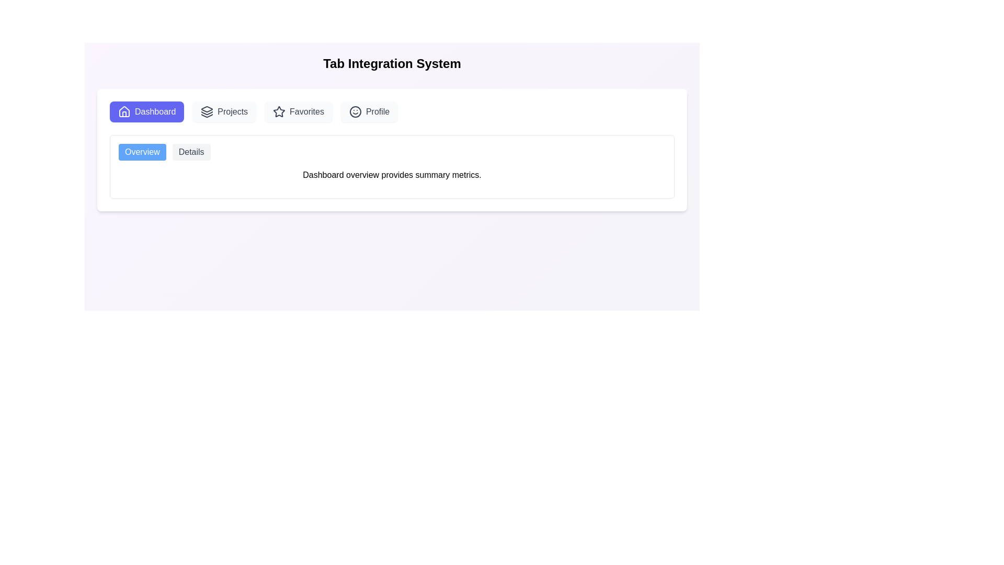  I want to click on the star icon in the 'Favorites' section of the top navigation bar, so click(279, 111).